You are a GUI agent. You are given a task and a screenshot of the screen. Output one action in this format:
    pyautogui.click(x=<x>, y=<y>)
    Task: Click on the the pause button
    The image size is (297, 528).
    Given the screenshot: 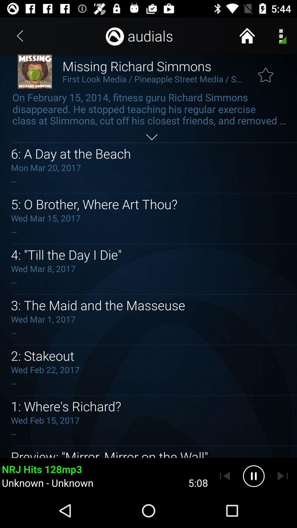 What is the action you would take?
    pyautogui.click(x=254, y=476)
    